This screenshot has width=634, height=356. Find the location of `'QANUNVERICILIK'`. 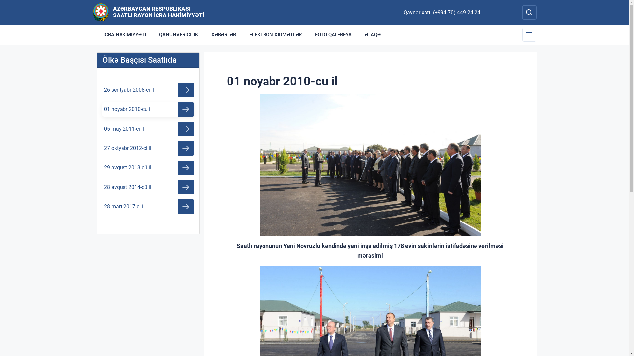

'QANUNVERICILIK' is located at coordinates (179, 34).